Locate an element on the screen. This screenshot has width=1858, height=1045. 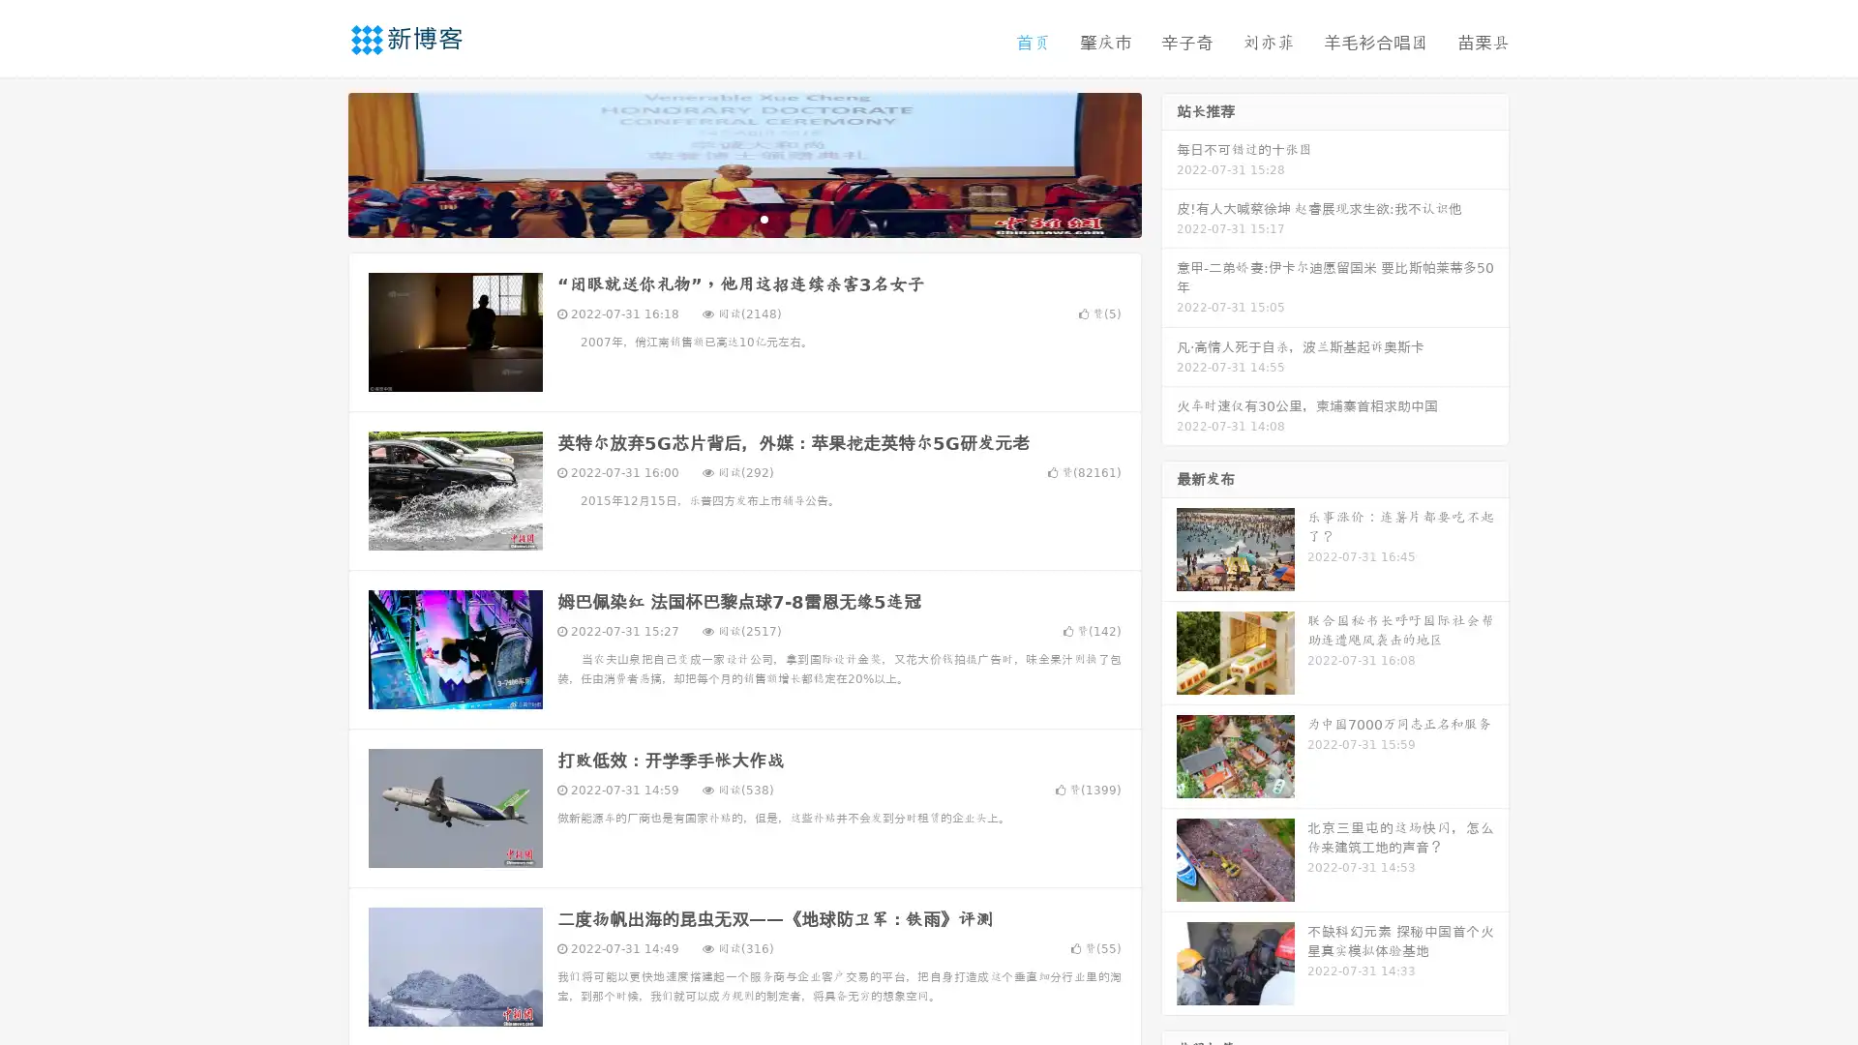
Go to slide 2 is located at coordinates (743, 218).